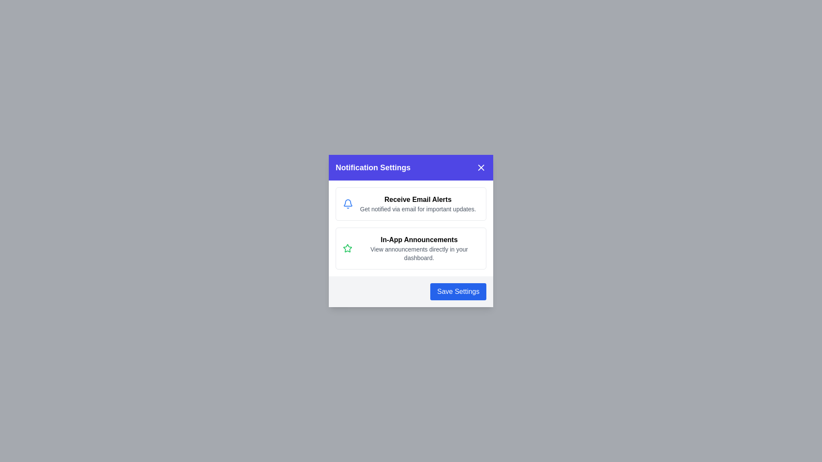  What do you see at coordinates (373, 168) in the screenshot?
I see `the text element Notification Settings to enable selection or copying` at bounding box center [373, 168].